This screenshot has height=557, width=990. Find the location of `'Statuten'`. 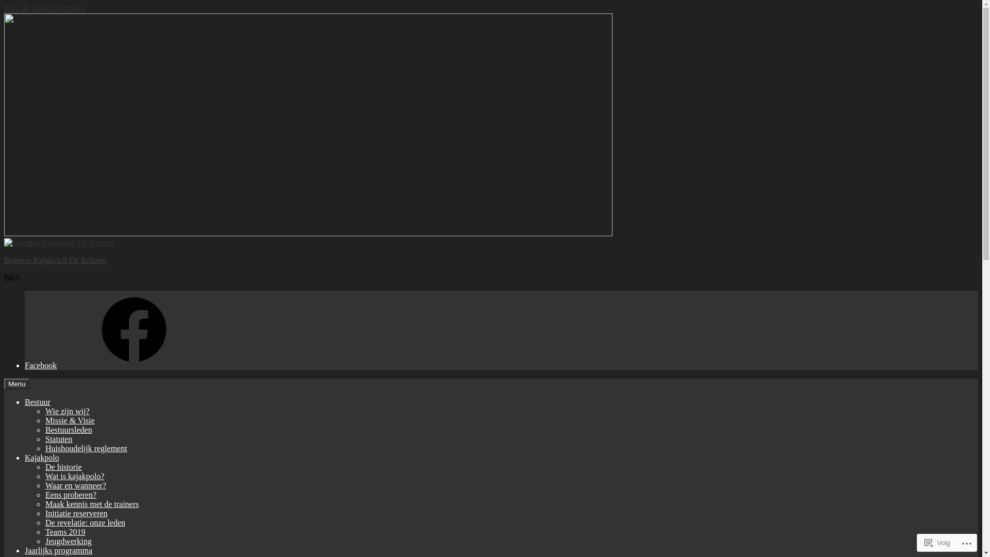

'Statuten' is located at coordinates (58, 439).